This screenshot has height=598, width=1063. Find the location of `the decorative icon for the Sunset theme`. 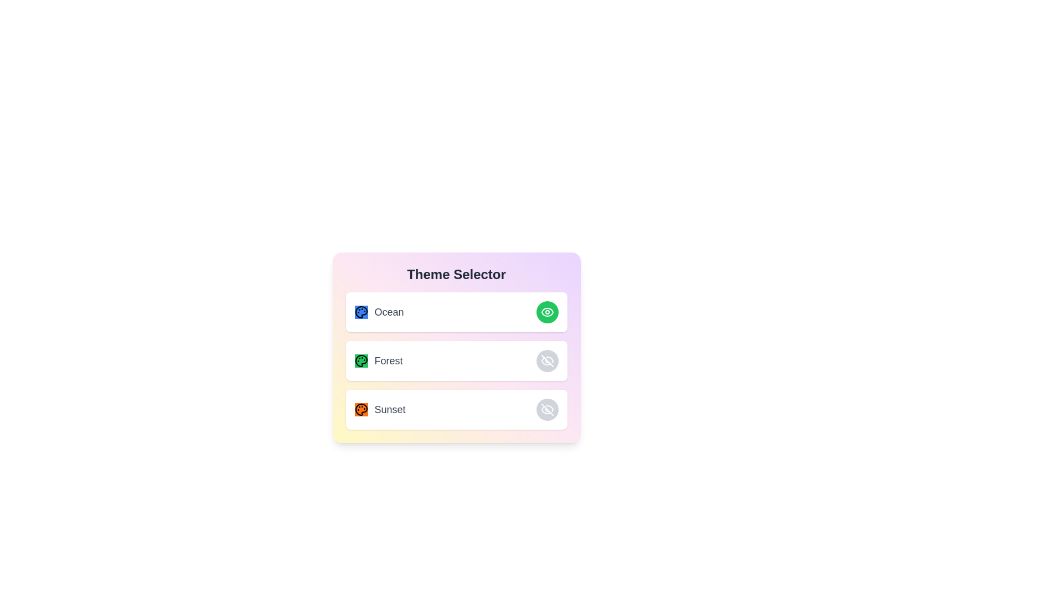

the decorative icon for the Sunset theme is located at coordinates (361, 410).